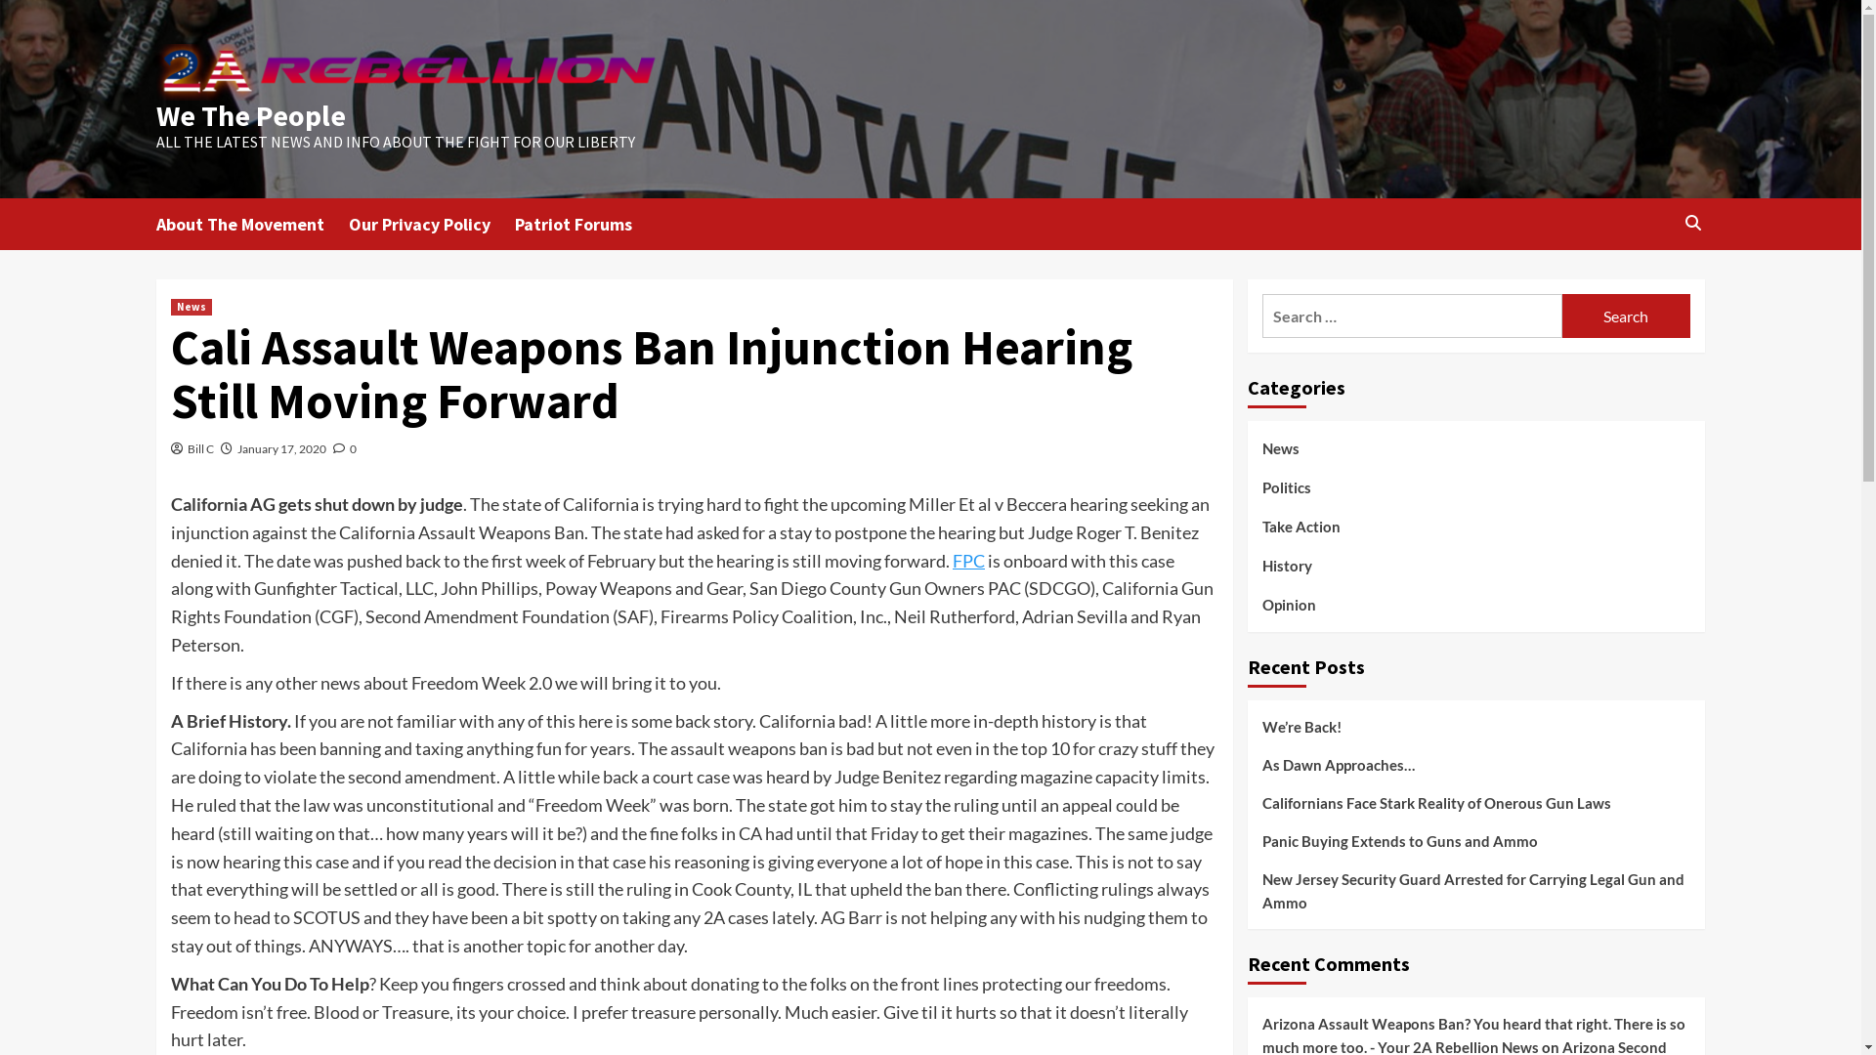  What do you see at coordinates (1476, 810) in the screenshot?
I see `'Californians Face Stark Reality of Onerous Gun Laws'` at bounding box center [1476, 810].